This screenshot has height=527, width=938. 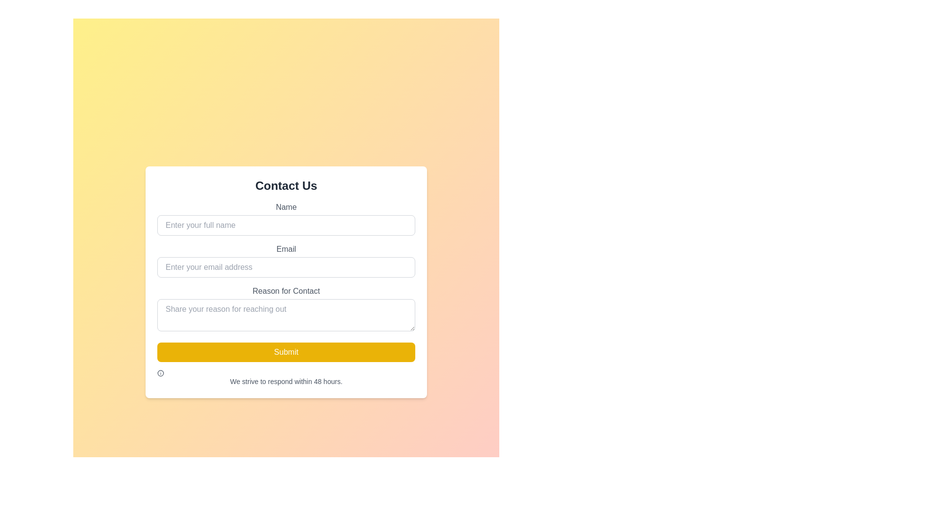 I want to click on the label element that displays the text 'Name', which is styled in medium-gray font and positioned above the text input field in the 'Contact Us' form layout, so click(x=285, y=206).